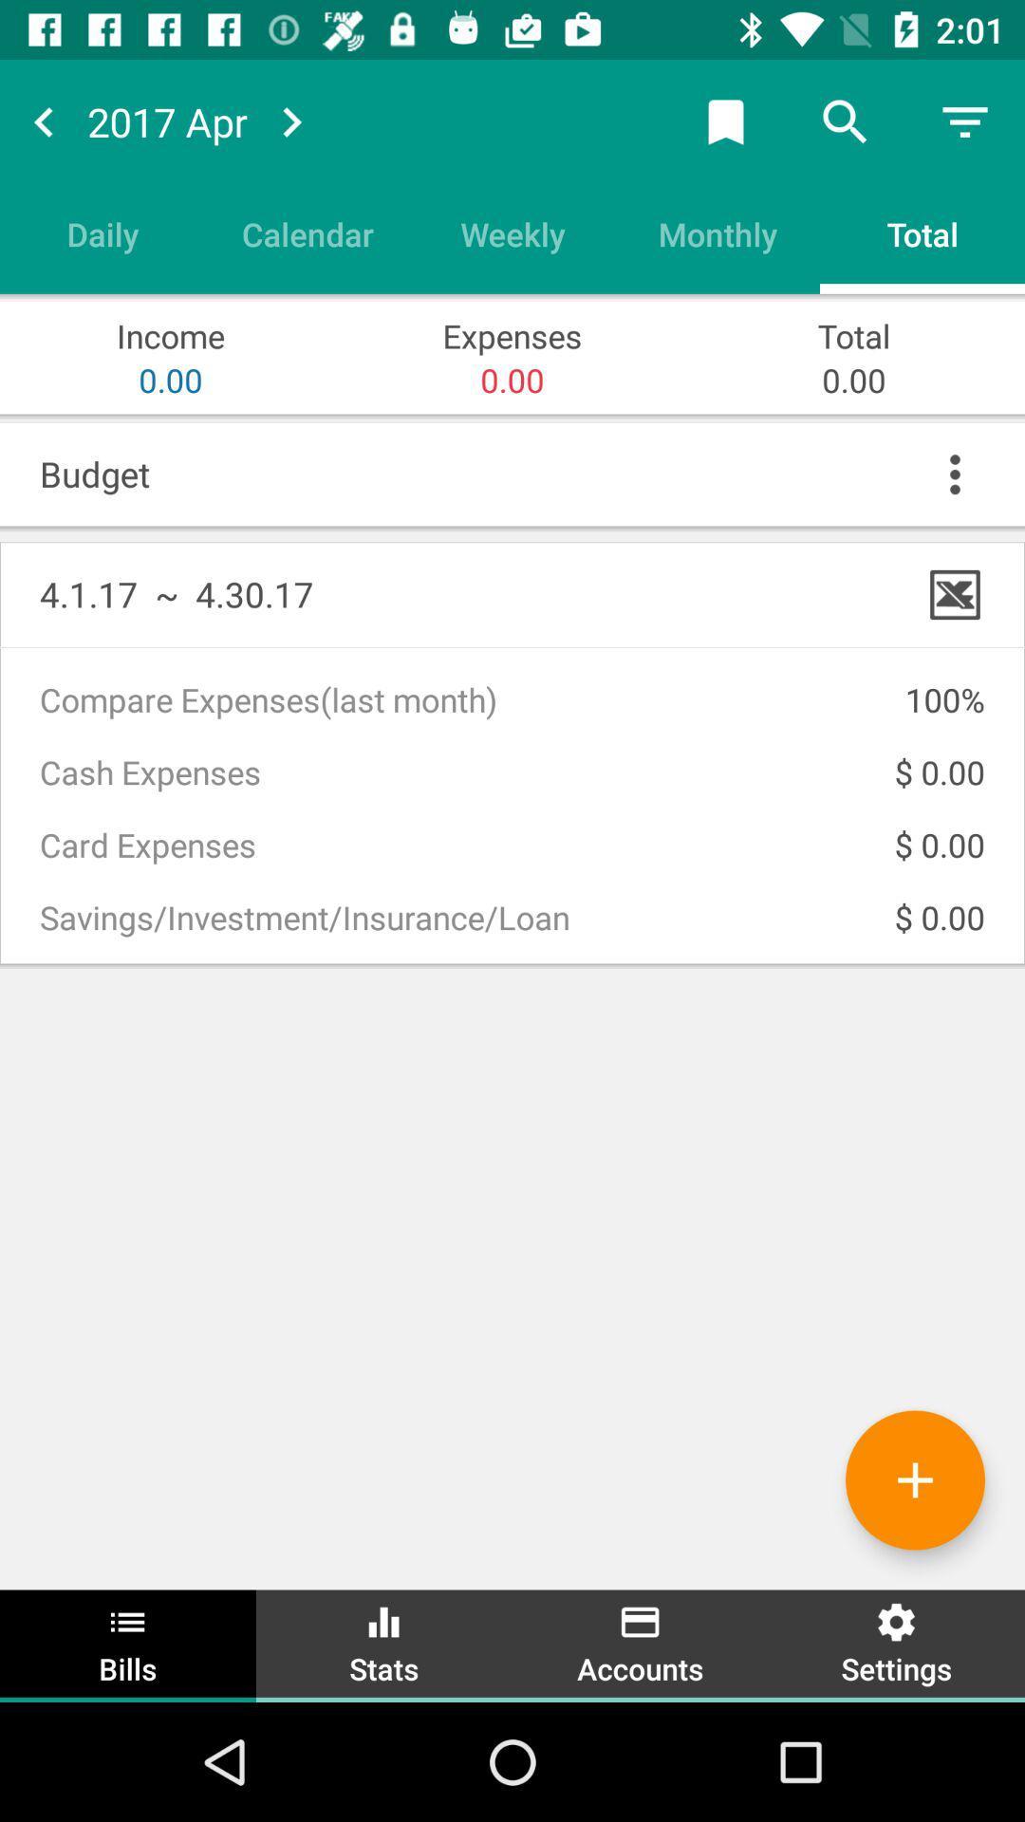 This screenshot has height=1822, width=1025. Describe the element at coordinates (725, 121) in the screenshot. I see `bookmark page` at that location.